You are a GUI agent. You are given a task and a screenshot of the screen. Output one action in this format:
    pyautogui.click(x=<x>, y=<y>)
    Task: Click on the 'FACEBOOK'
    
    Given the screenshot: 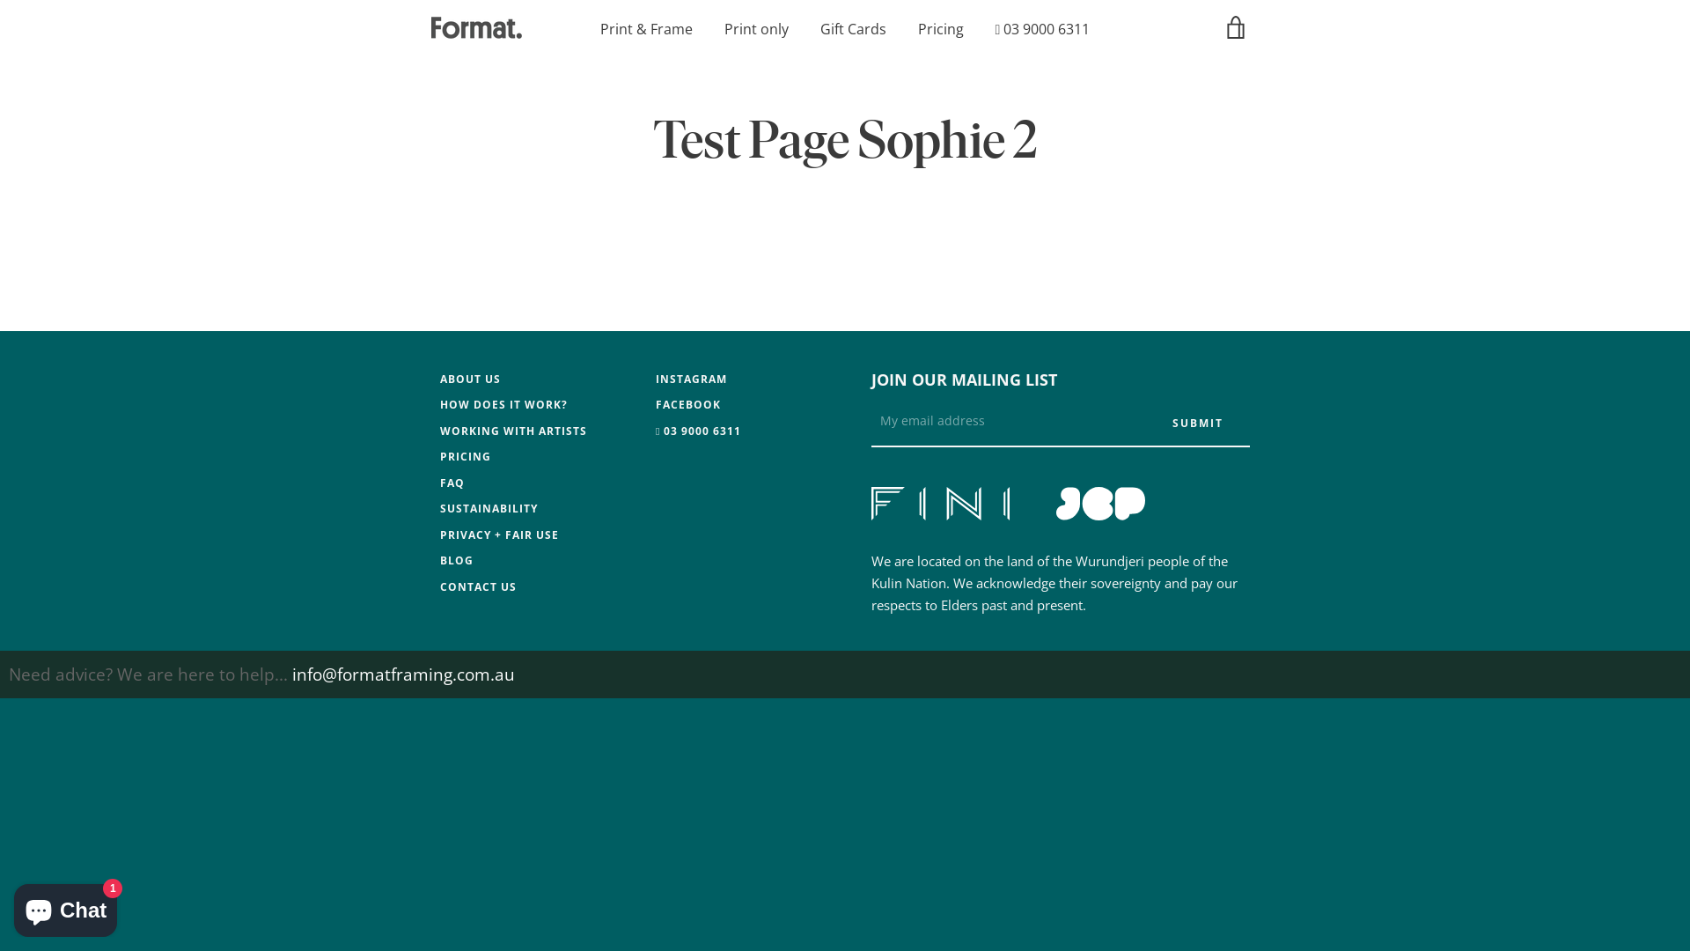 What is the action you would take?
    pyautogui.click(x=654, y=404)
    